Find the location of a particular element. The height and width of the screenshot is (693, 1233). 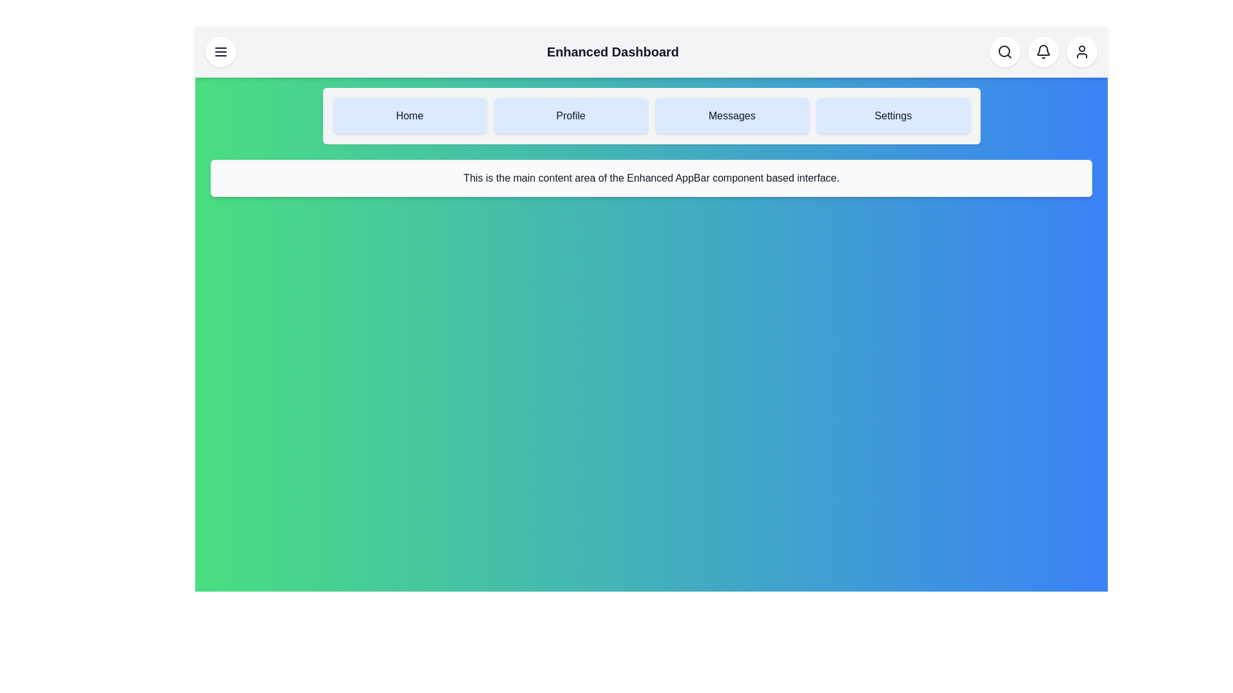

the User Profile button to perform its action is located at coordinates (1081, 51).